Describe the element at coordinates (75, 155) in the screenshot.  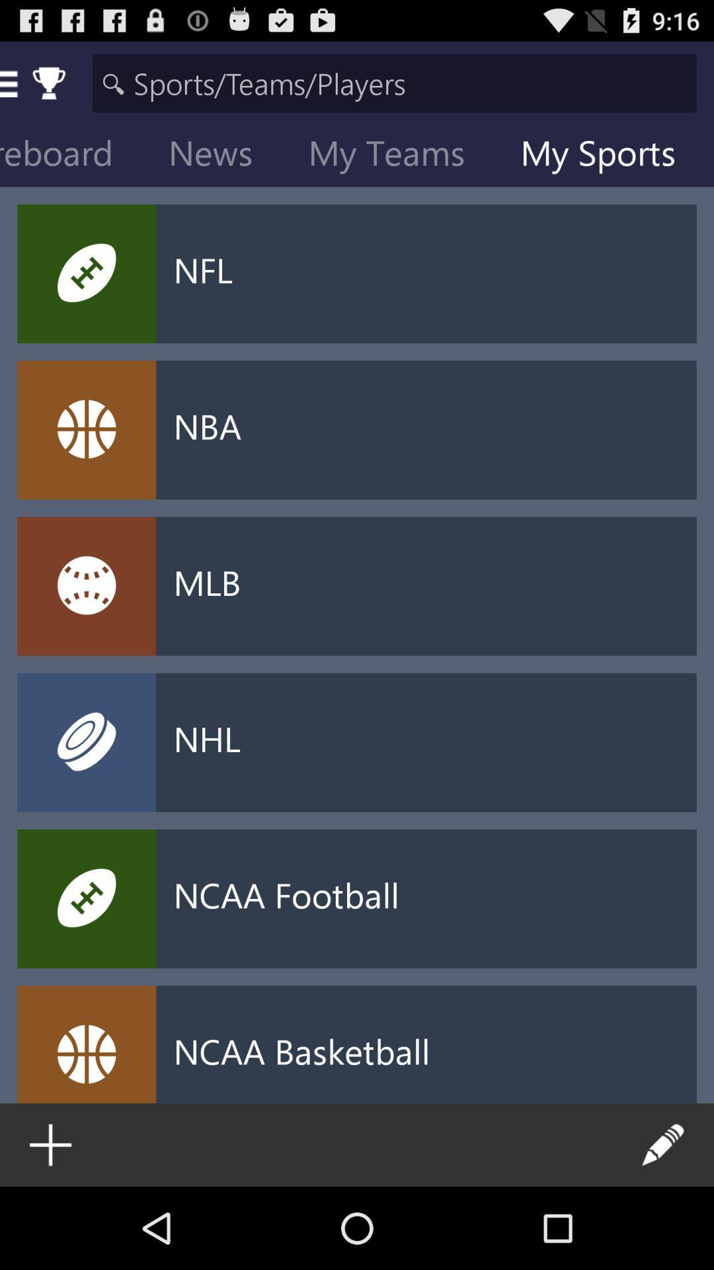
I see `scoreboard icon` at that location.